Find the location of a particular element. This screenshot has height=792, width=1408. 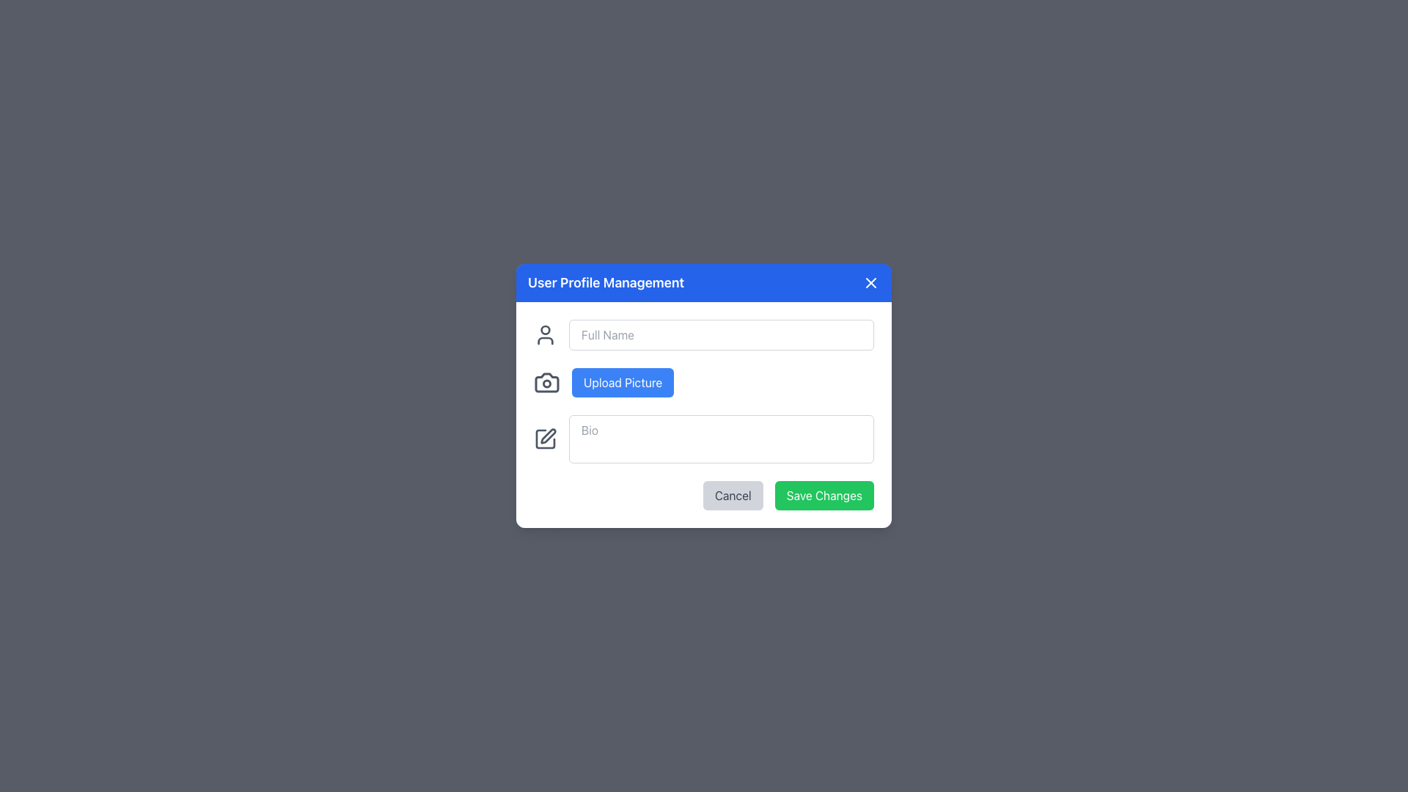

the close button located at the top-right corner of the 'User Profile Management' modal header is located at coordinates (871, 282).